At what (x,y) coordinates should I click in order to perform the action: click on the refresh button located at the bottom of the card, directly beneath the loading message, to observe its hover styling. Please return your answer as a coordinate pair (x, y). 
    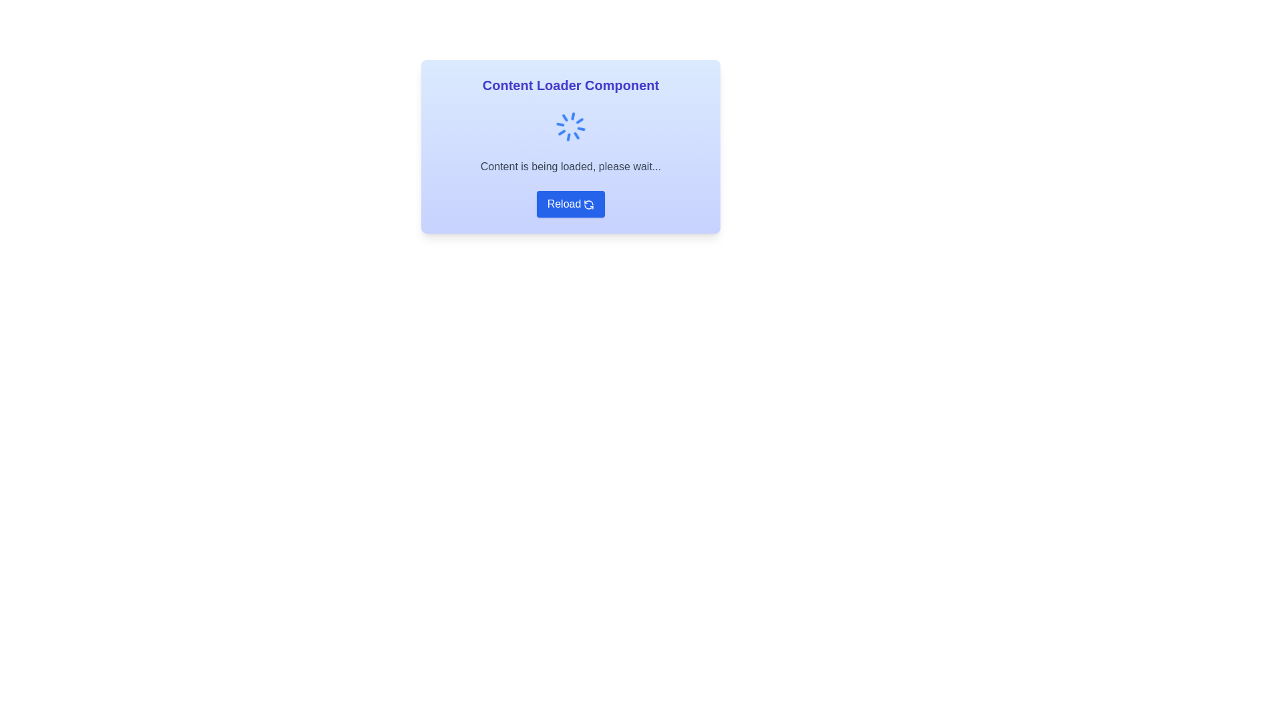
    Looking at the image, I should click on (570, 204).